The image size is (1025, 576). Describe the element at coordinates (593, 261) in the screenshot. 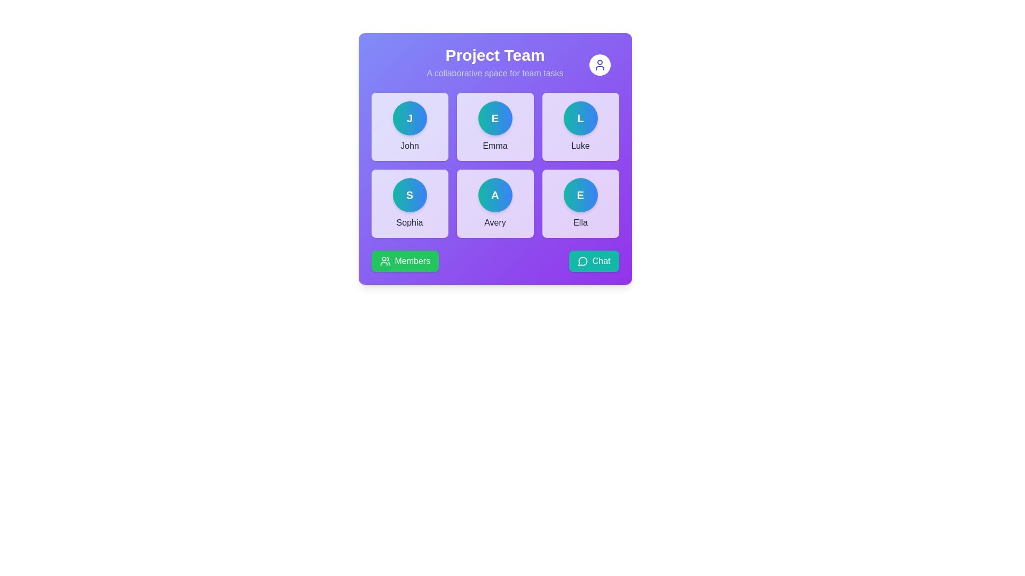

I see `the teal button with white text labeled 'Chat'` at that location.